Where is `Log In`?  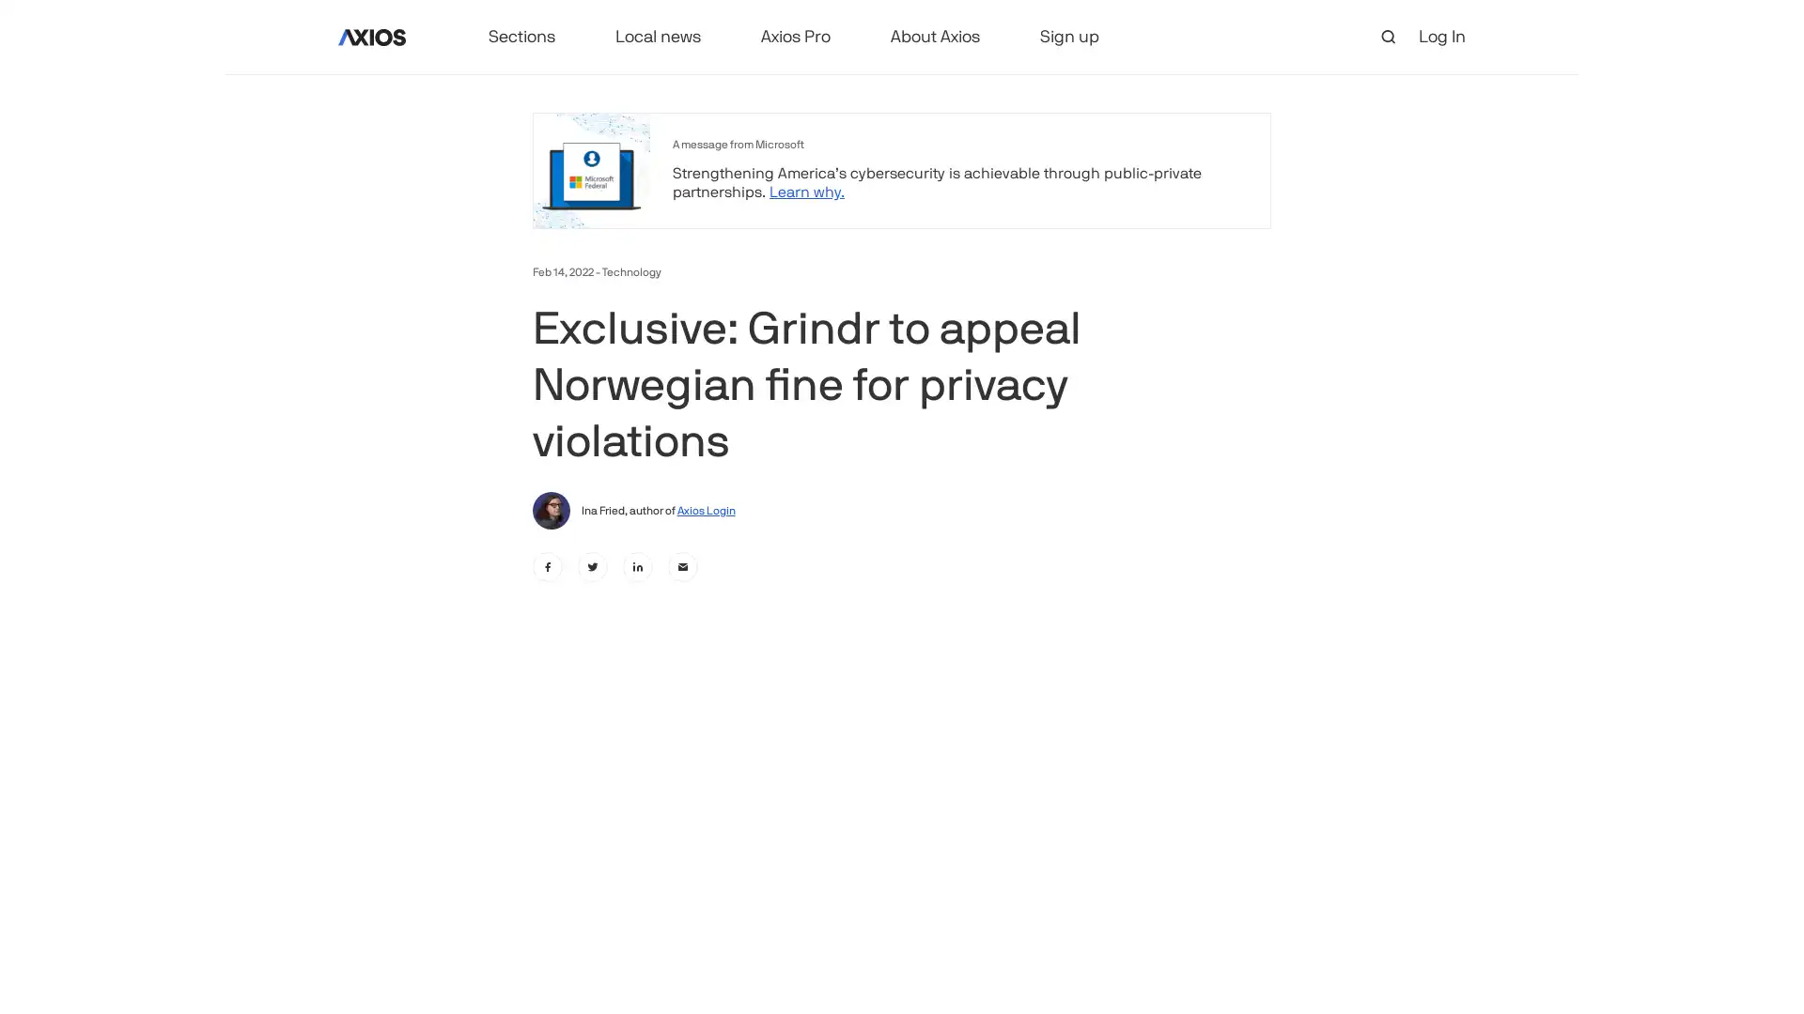
Log In is located at coordinates (1441, 36).